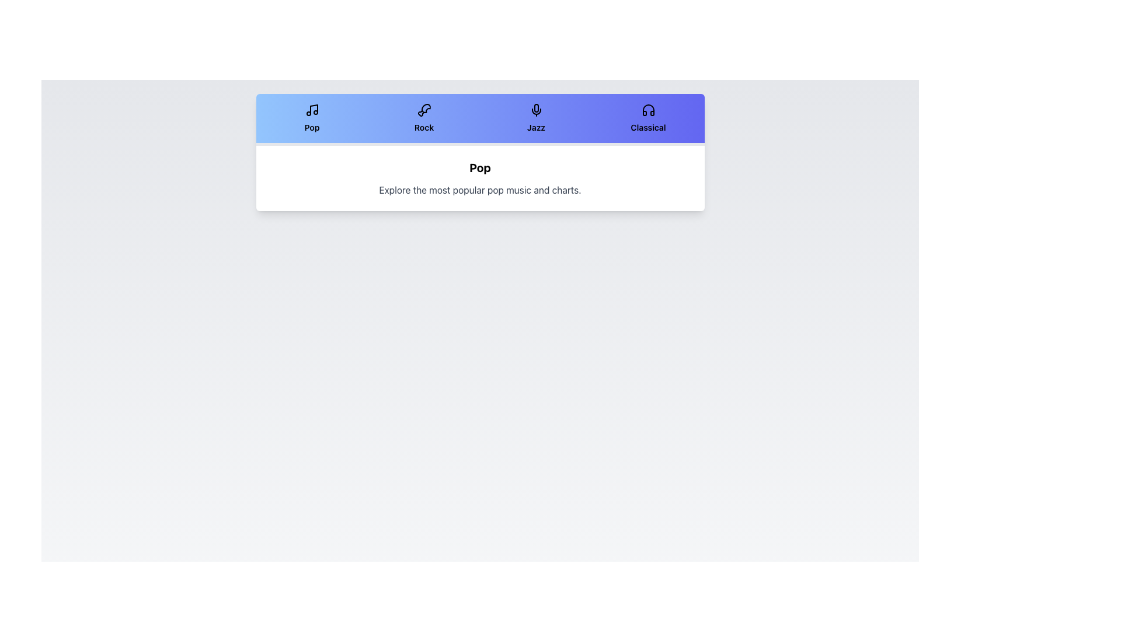 The image size is (1121, 630). Describe the element at coordinates (425, 108) in the screenshot. I see `the icon representing the 'Rock' tab in the navigation menu` at that location.